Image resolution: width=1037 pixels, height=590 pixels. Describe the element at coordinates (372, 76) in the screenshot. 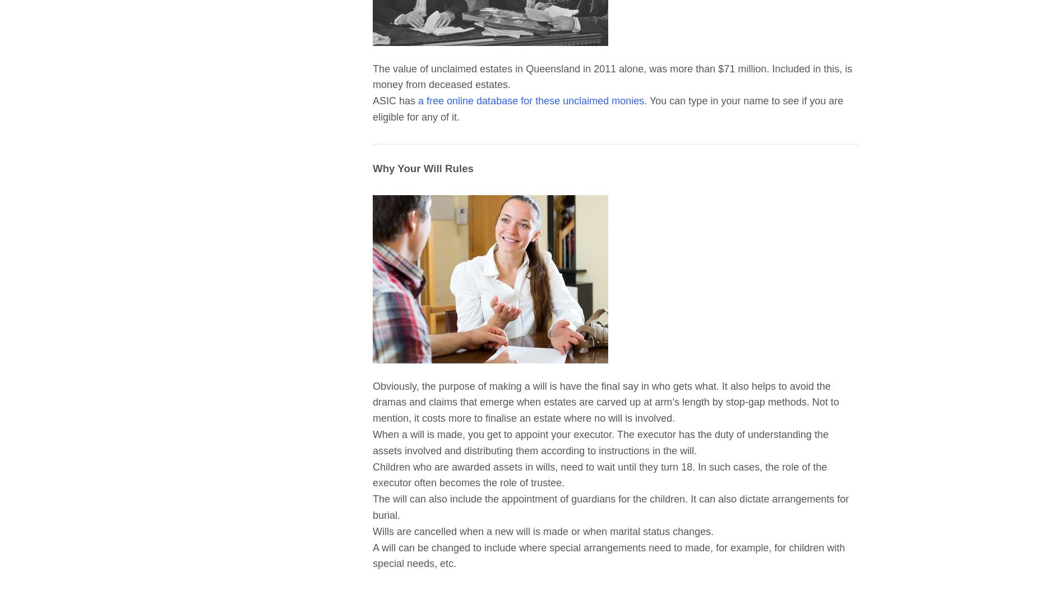

I see `'The value of unclaimed estates in Queensland in 2011 alone, was more than $71 million. Included in this, is money from deceased estates.'` at that location.